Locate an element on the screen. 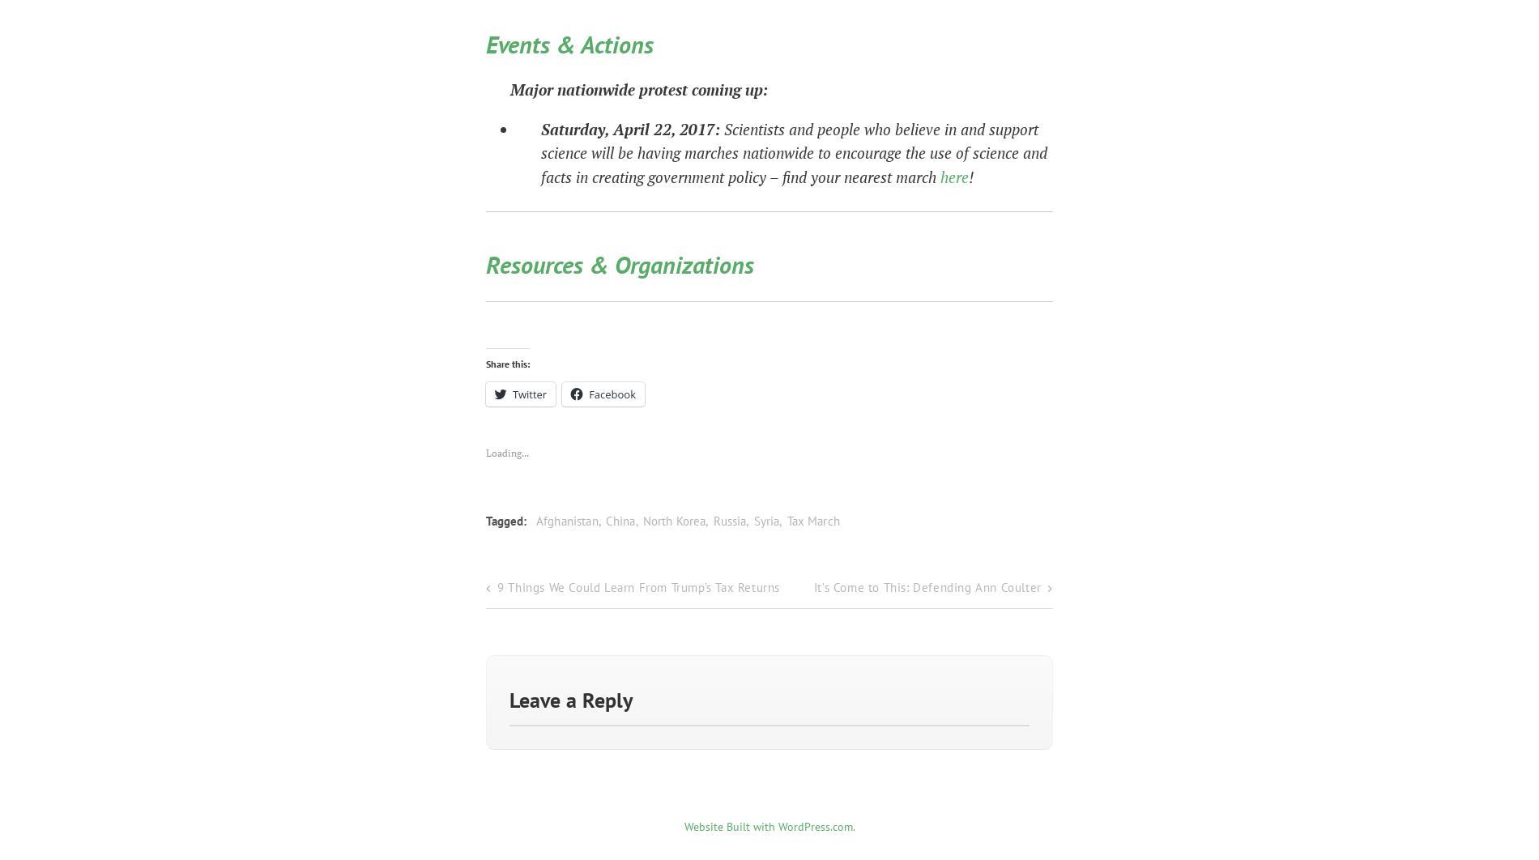 The height and width of the screenshot is (860, 1539). '!' is located at coordinates (970, 176).